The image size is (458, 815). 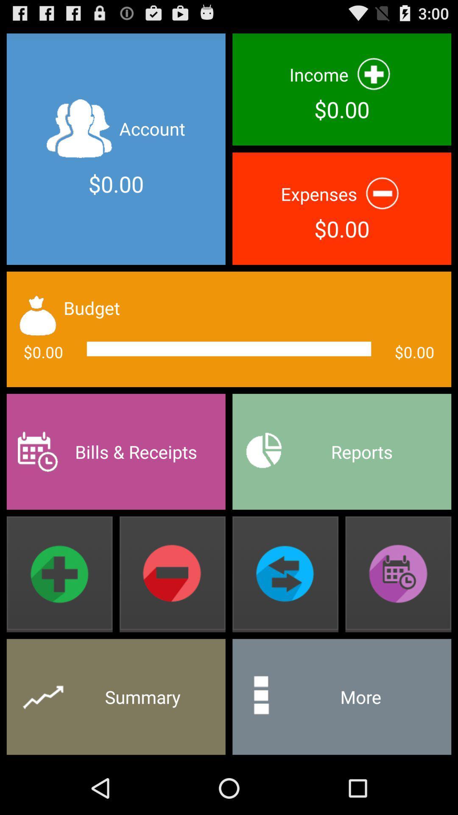 I want to click on the reports app, so click(x=341, y=451).